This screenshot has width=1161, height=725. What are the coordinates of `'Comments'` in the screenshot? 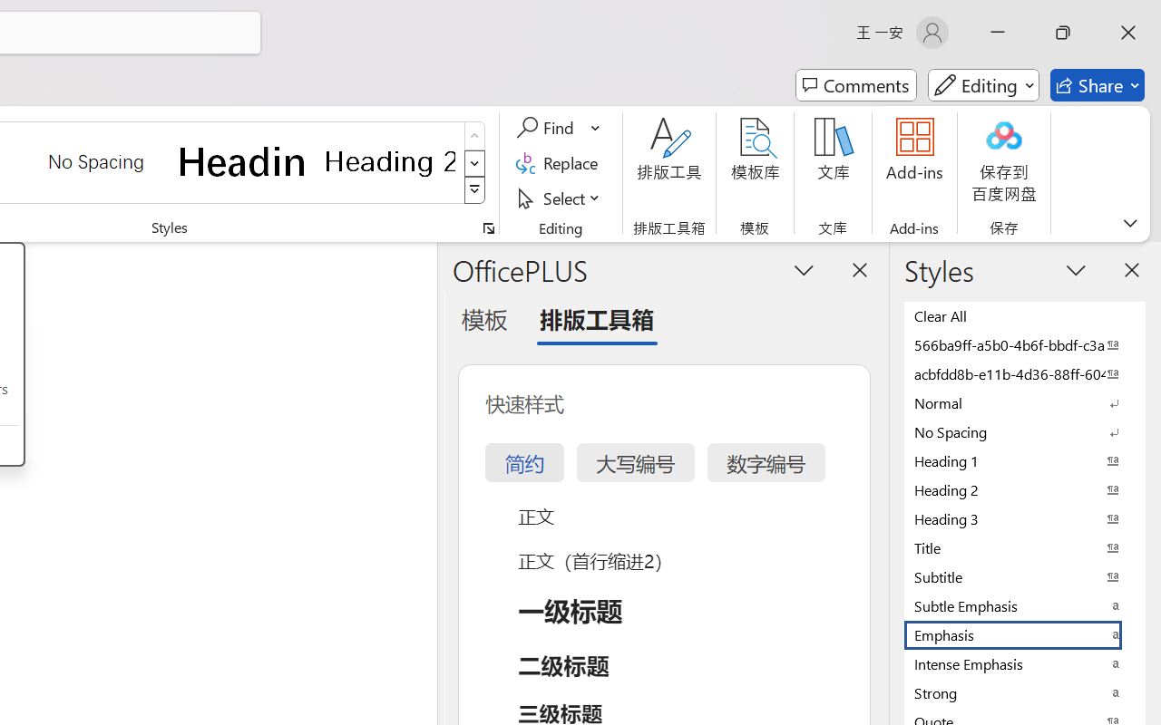 It's located at (855, 85).